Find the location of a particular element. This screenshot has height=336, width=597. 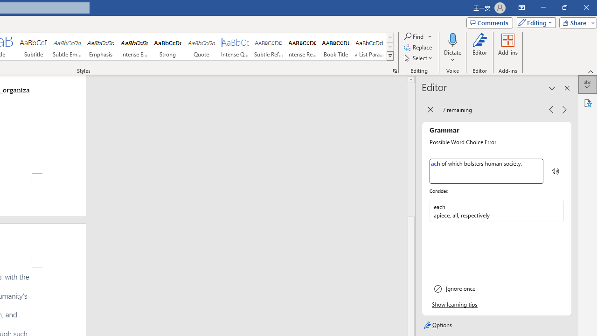

'AutomationID: DrillInPane_ReadContext' is located at coordinates (555, 171).